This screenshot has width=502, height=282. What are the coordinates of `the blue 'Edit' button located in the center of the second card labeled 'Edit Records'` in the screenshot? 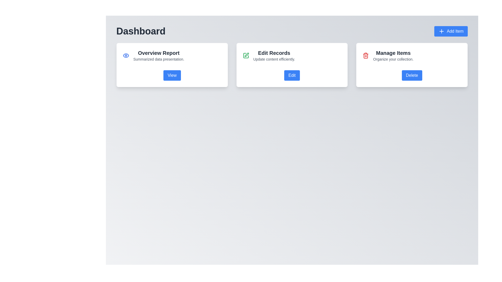 It's located at (292, 75).